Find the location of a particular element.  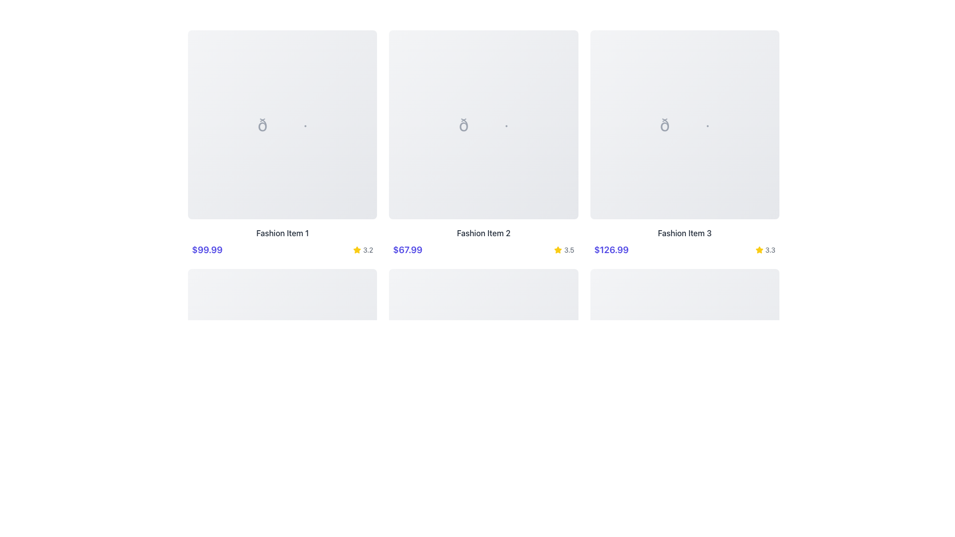

the navigation button located at the far-right end of the pagination controls to advance to the next page is located at coordinates (538, 520).